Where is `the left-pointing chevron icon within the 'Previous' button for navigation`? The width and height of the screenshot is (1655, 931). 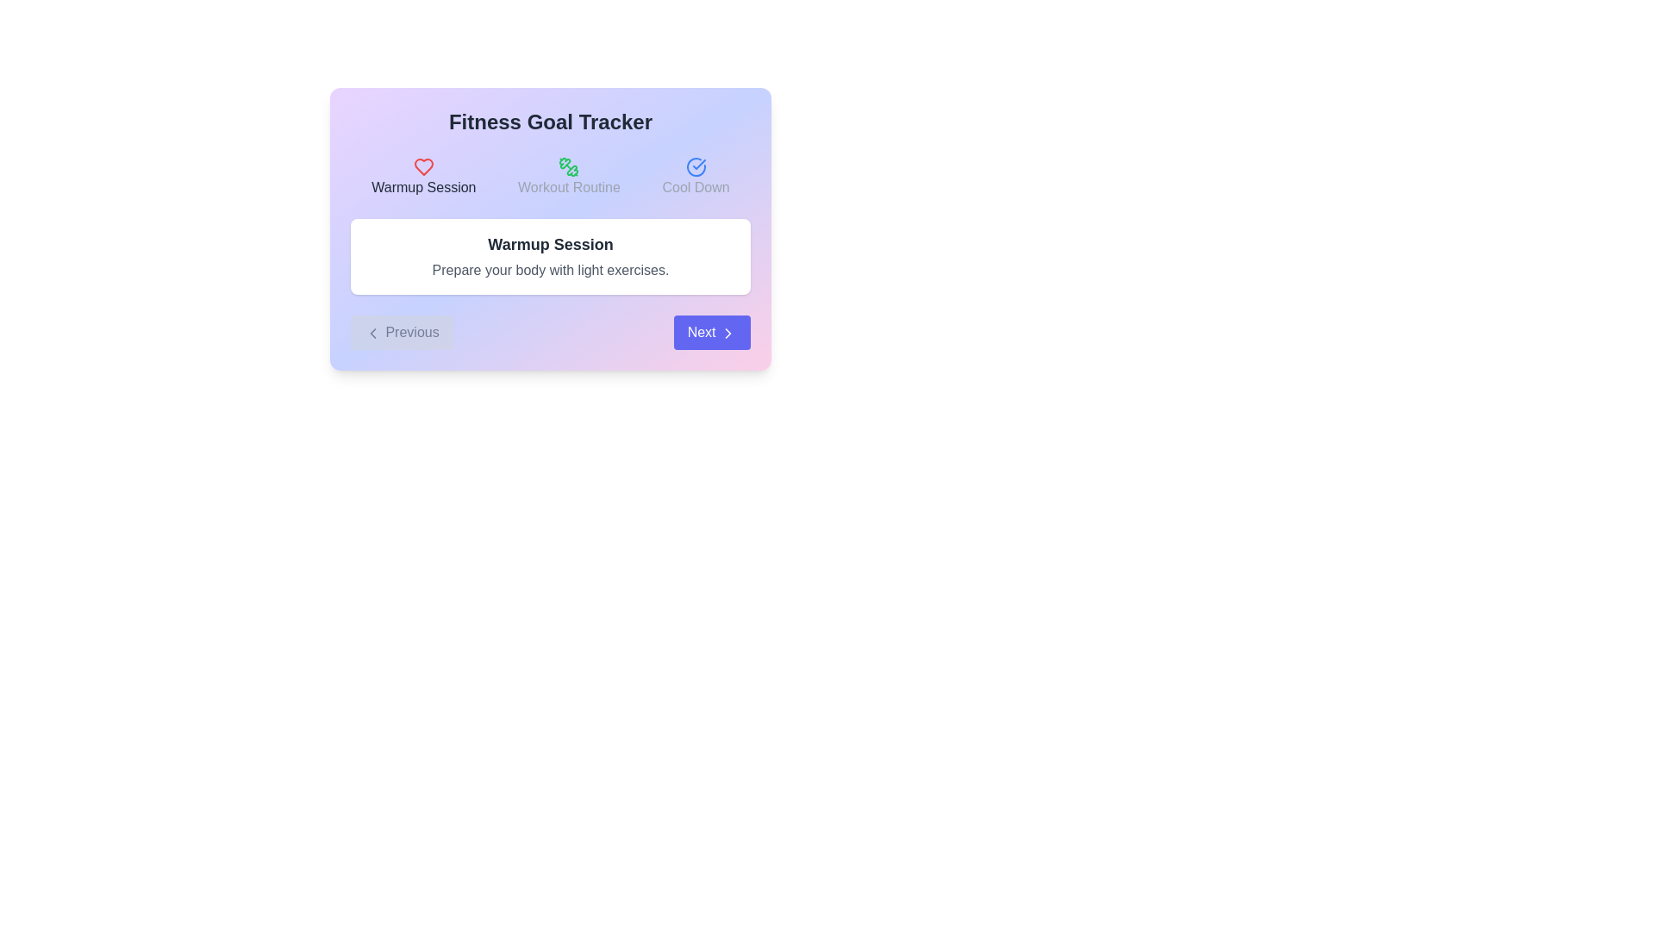 the left-pointing chevron icon within the 'Previous' button for navigation is located at coordinates (372, 332).